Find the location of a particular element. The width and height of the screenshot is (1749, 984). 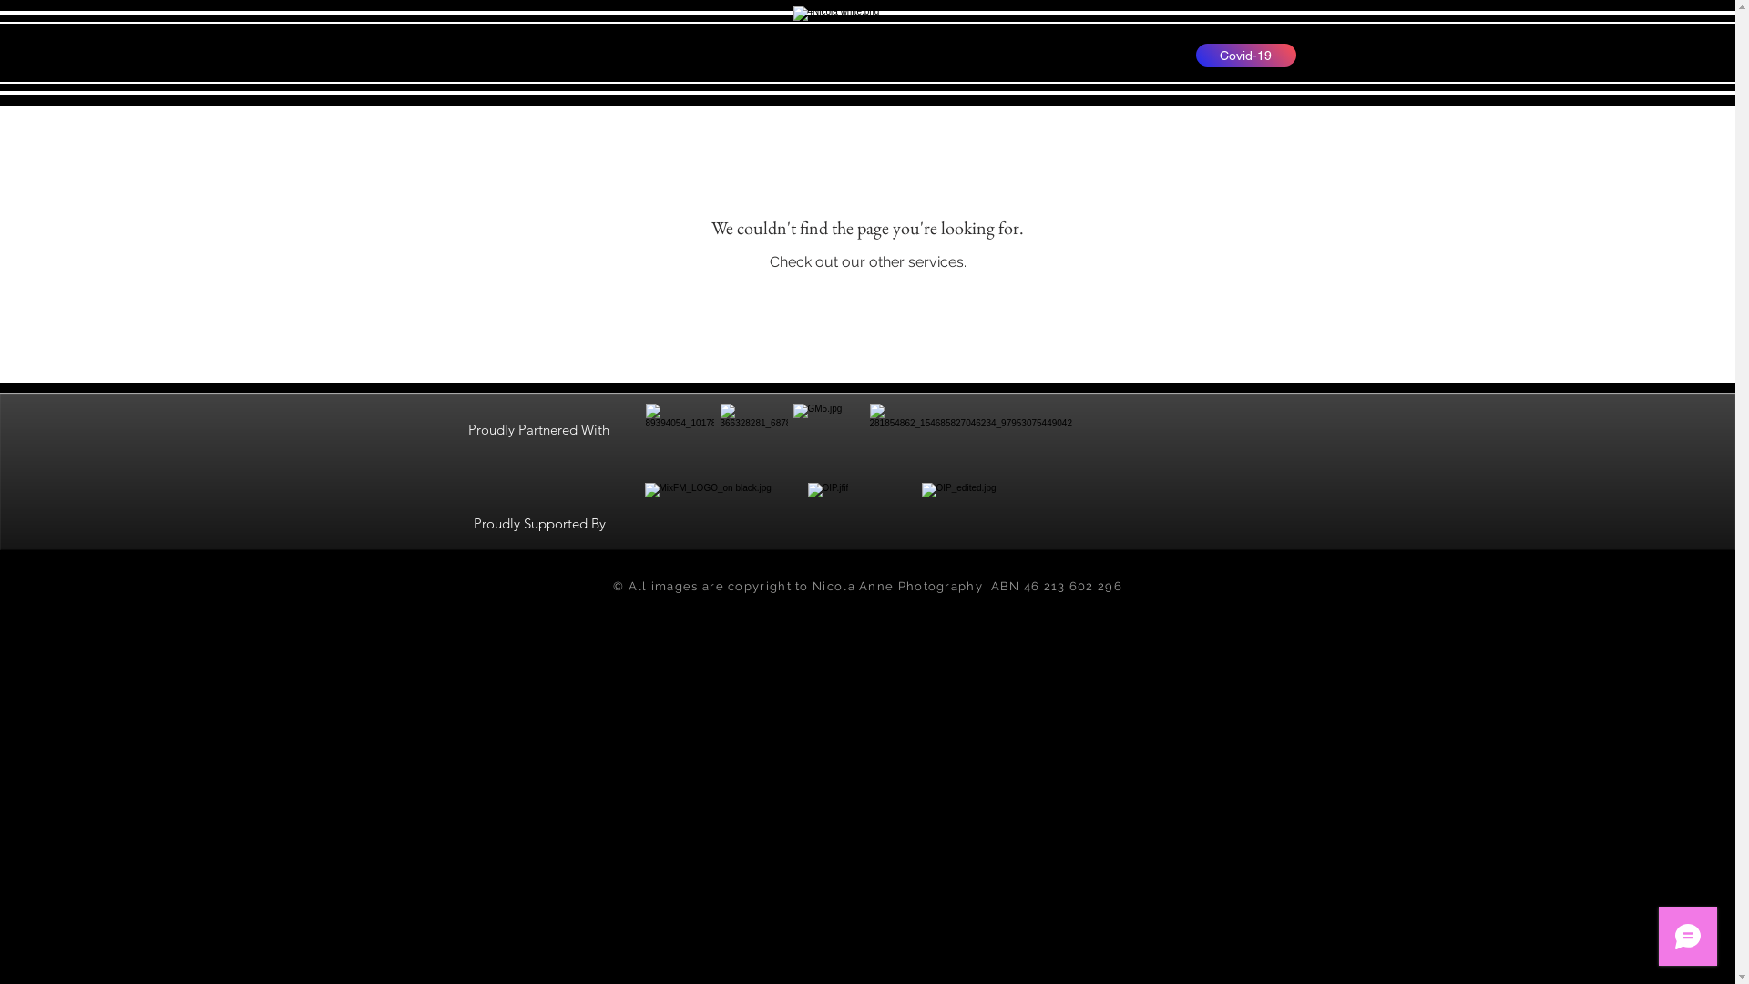

'Site Search' is located at coordinates (494, 54).